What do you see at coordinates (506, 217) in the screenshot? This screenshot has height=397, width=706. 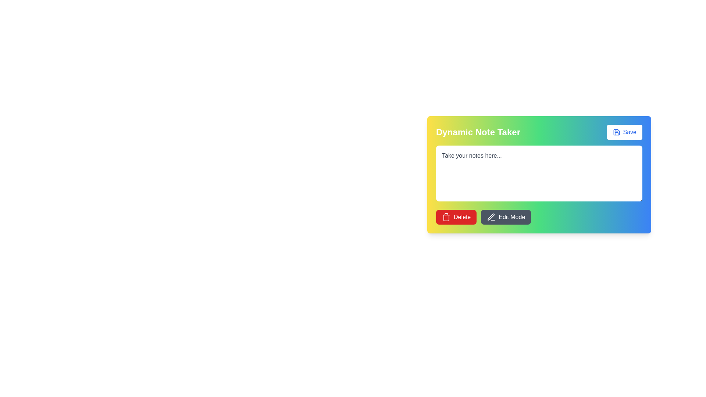 I see `the edit mode toggle button located to the right of the 'Delete' button in the 'Dynamic Note Taker' panel` at bounding box center [506, 217].